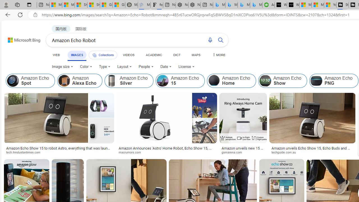  I want to click on 'Amazon Echo Silver', so click(128, 81).